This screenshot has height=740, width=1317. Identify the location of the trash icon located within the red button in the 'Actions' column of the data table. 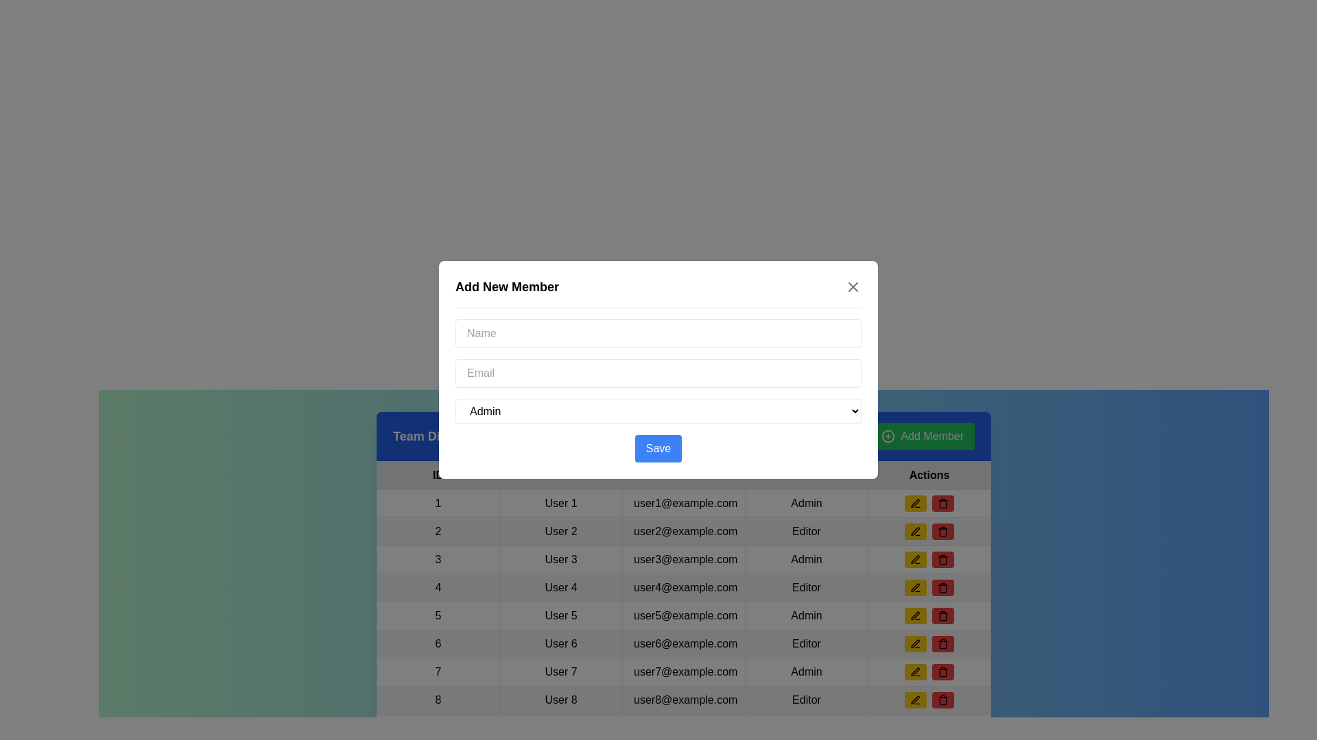
(942, 504).